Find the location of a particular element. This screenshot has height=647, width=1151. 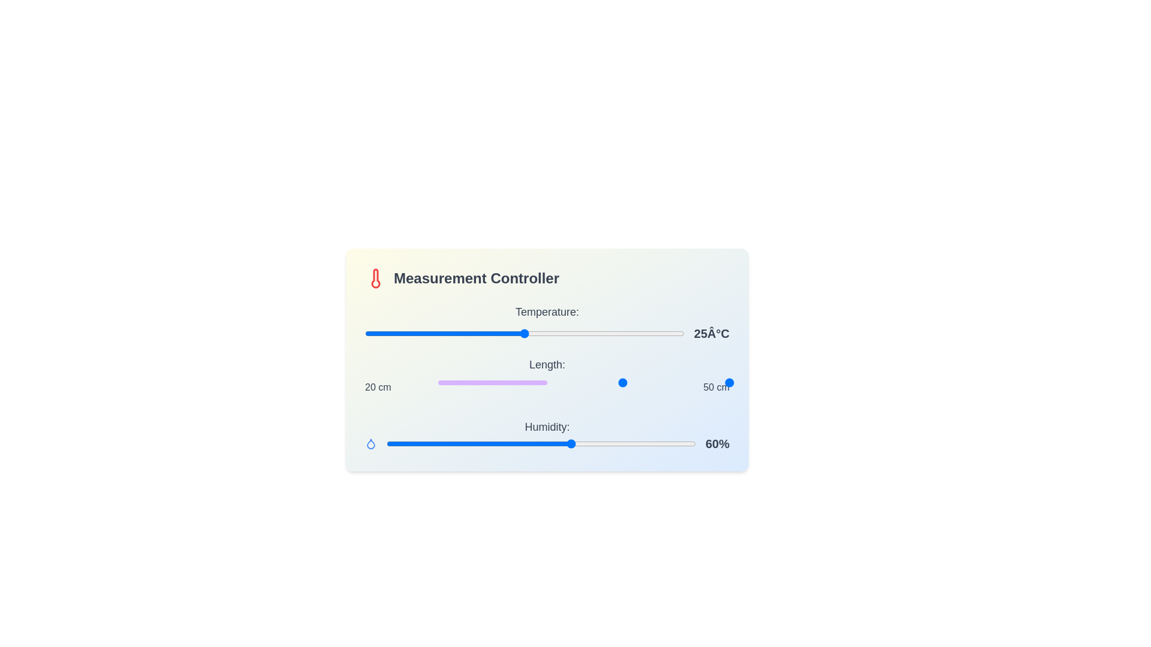

the slider is located at coordinates (447, 333).